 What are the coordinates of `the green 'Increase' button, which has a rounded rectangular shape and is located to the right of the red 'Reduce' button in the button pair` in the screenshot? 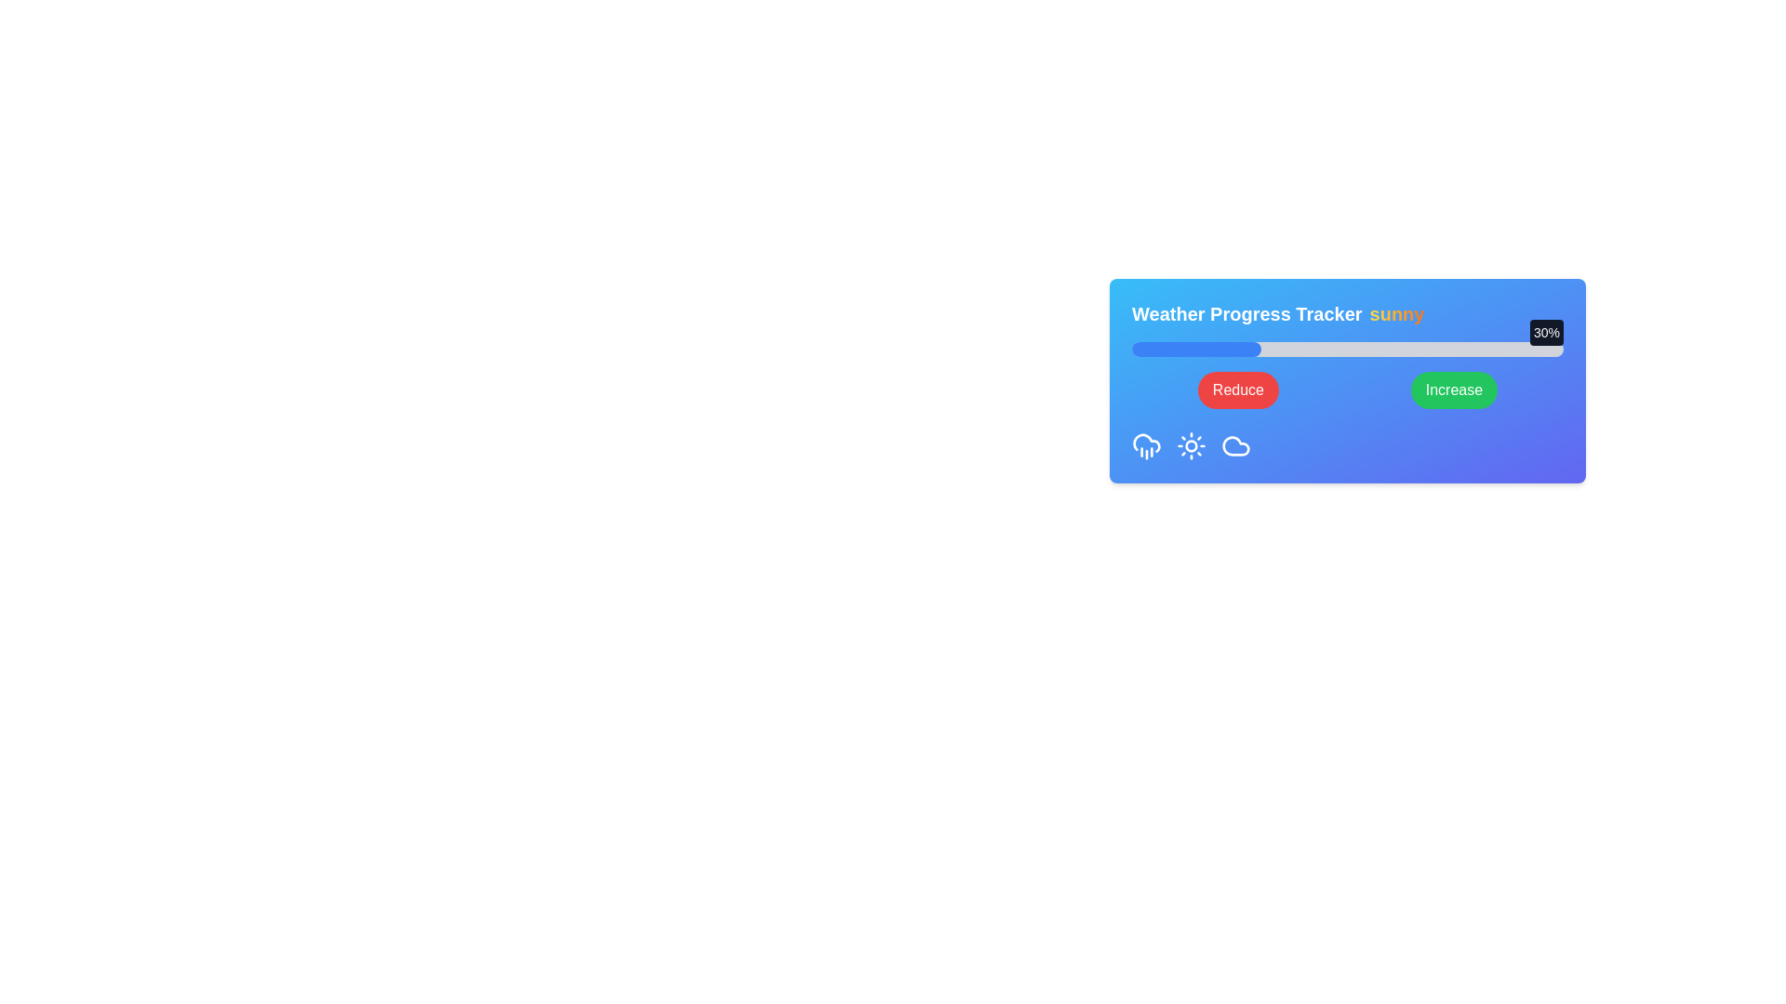 It's located at (1453, 390).